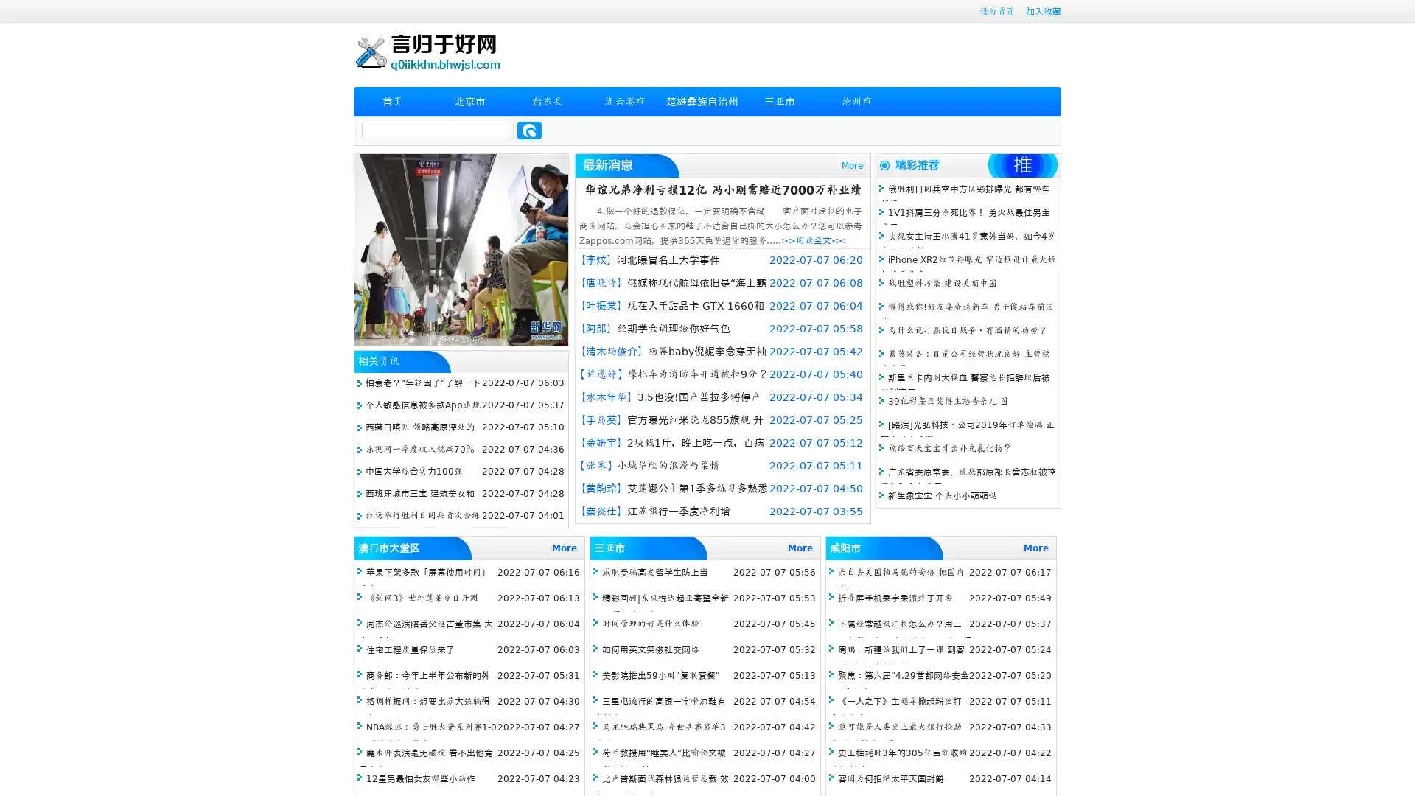 The width and height of the screenshot is (1415, 796). Describe the element at coordinates (529, 130) in the screenshot. I see `Search` at that location.